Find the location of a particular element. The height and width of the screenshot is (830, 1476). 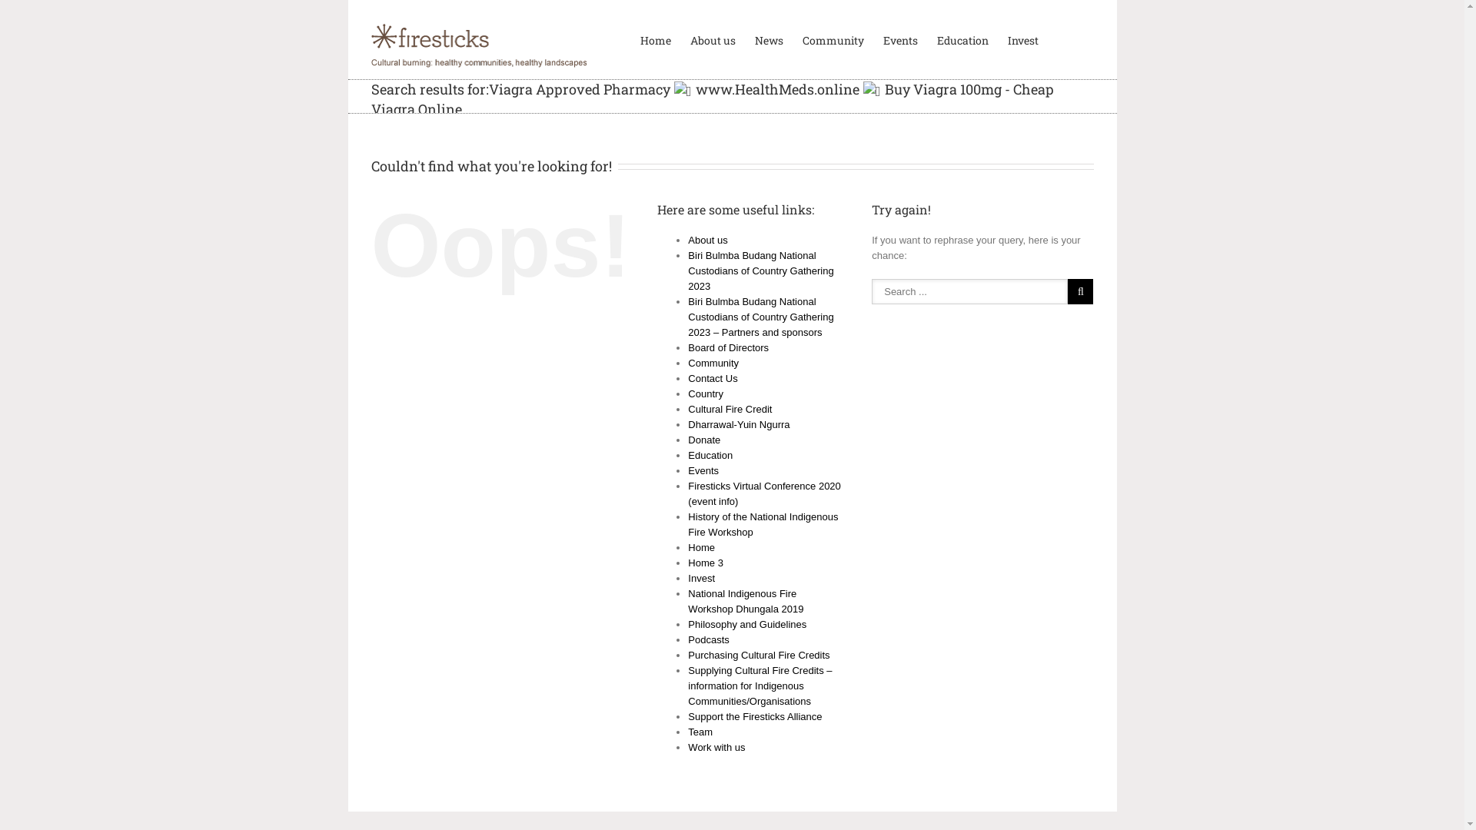

'Invest' is located at coordinates (700, 578).